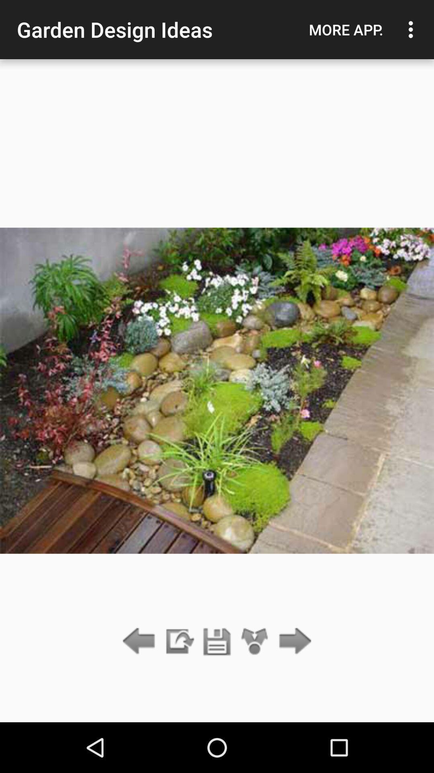  I want to click on option, so click(217, 641).